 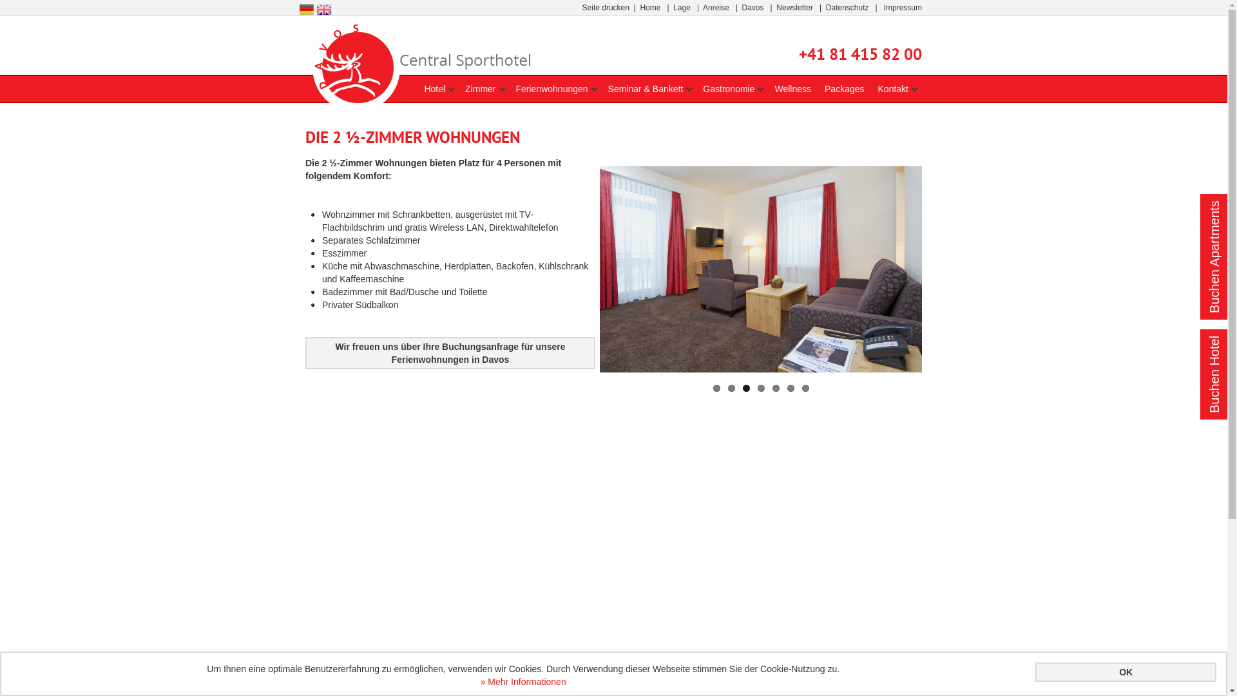 I want to click on 'Wellness', so click(x=773, y=88).